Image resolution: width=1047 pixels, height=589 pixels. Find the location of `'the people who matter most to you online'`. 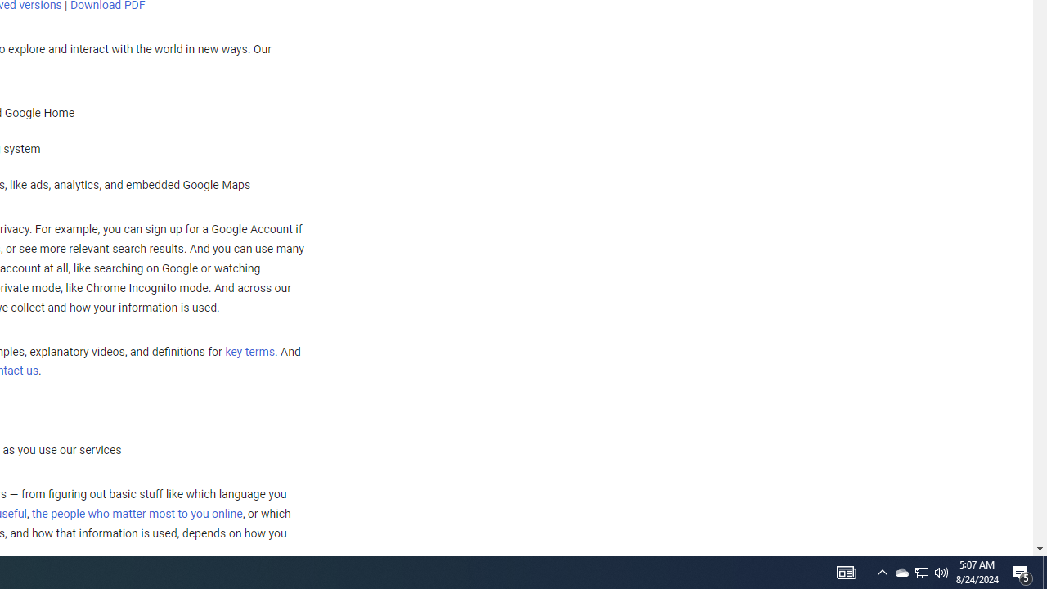

'the people who matter most to you online' is located at coordinates (137, 513).